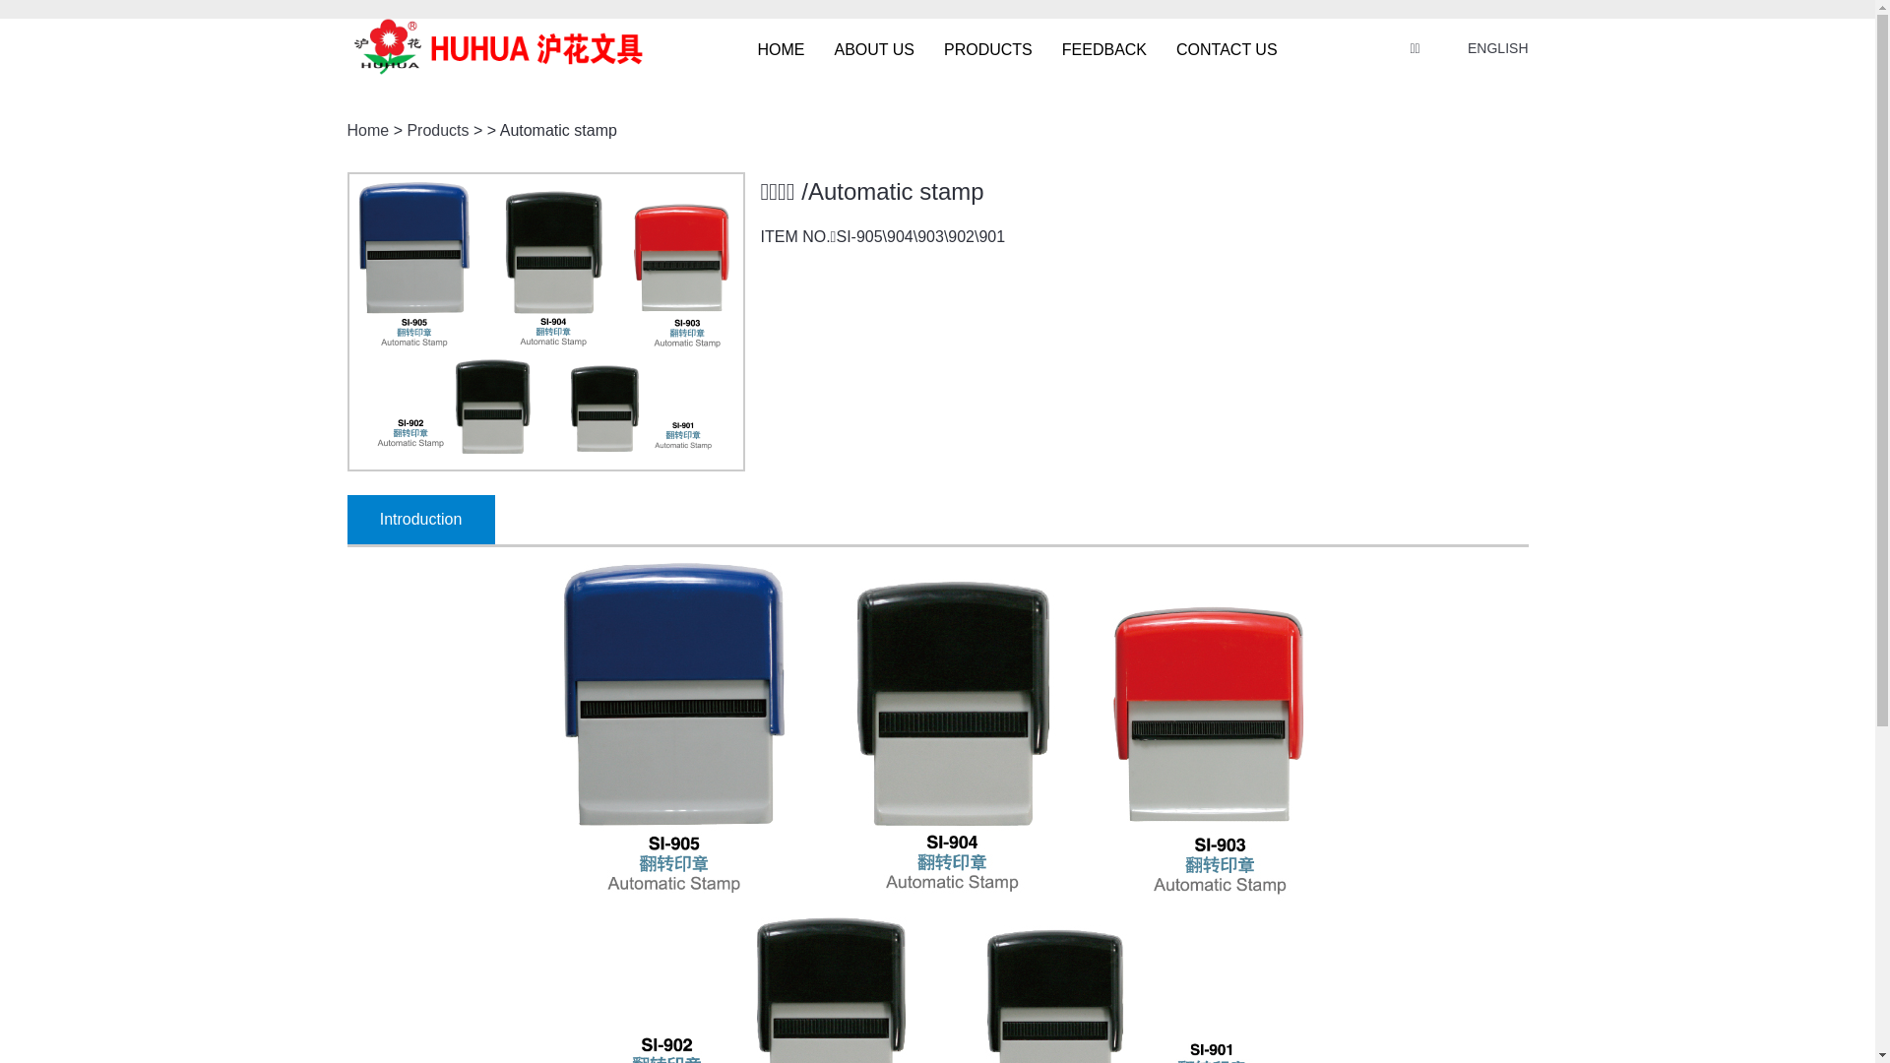 The width and height of the screenshot is (1890, 1063). What do you see at coordinates (367, 130) in the screenshot?
I see `'Home'` at bounding box center [367, 130].